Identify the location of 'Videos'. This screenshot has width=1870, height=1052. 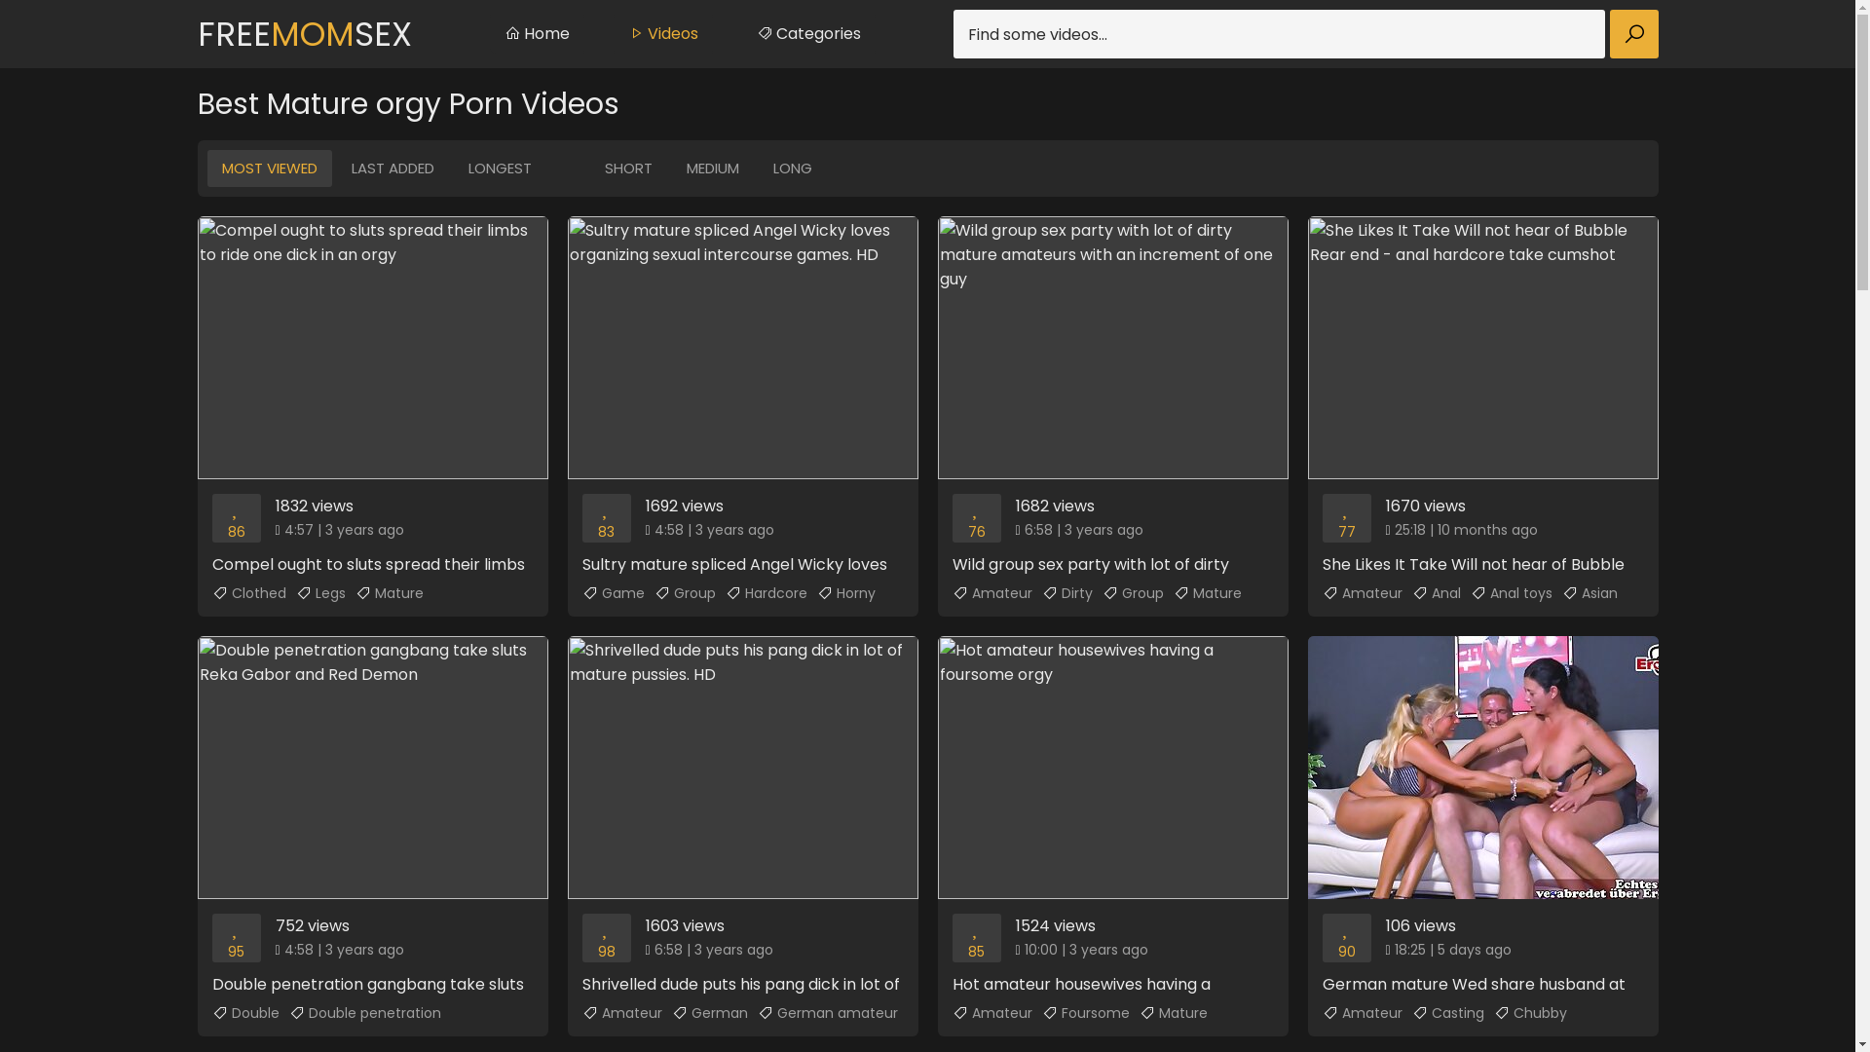
(663, 33).